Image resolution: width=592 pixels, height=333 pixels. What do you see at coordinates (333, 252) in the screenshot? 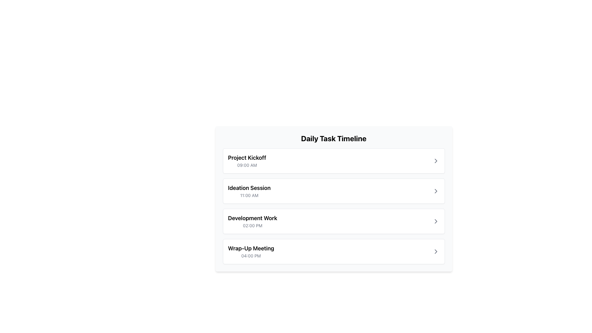
I see `the fourth list item in the 'Daily Task Timeline' labeled 'Wrap-Up Meeting' scheduled for '04:00 PM'` at bounding box center [333, 252].